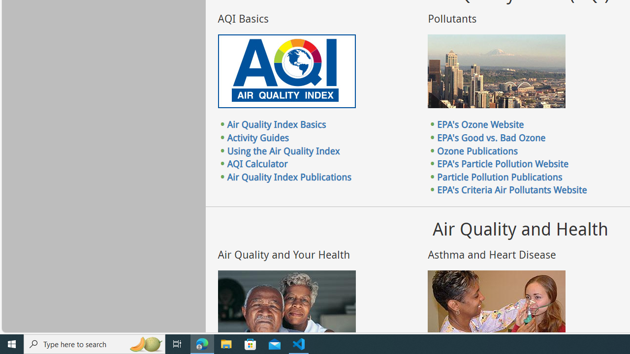 This screenshot has height=354, width=630. I want to click on 'AQI Calculator', so click(257, 163).